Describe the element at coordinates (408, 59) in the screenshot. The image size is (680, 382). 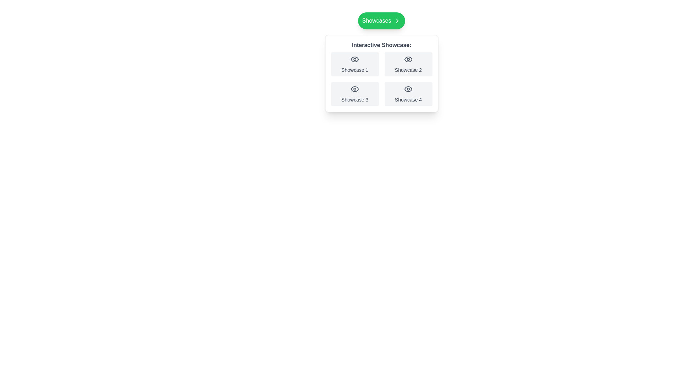
I see `the rounded eye icon within the 'Showcase 2' button, which features a hollow circular outline and a central dot, located in the upper-right quadrant of the showcase section` at that location.